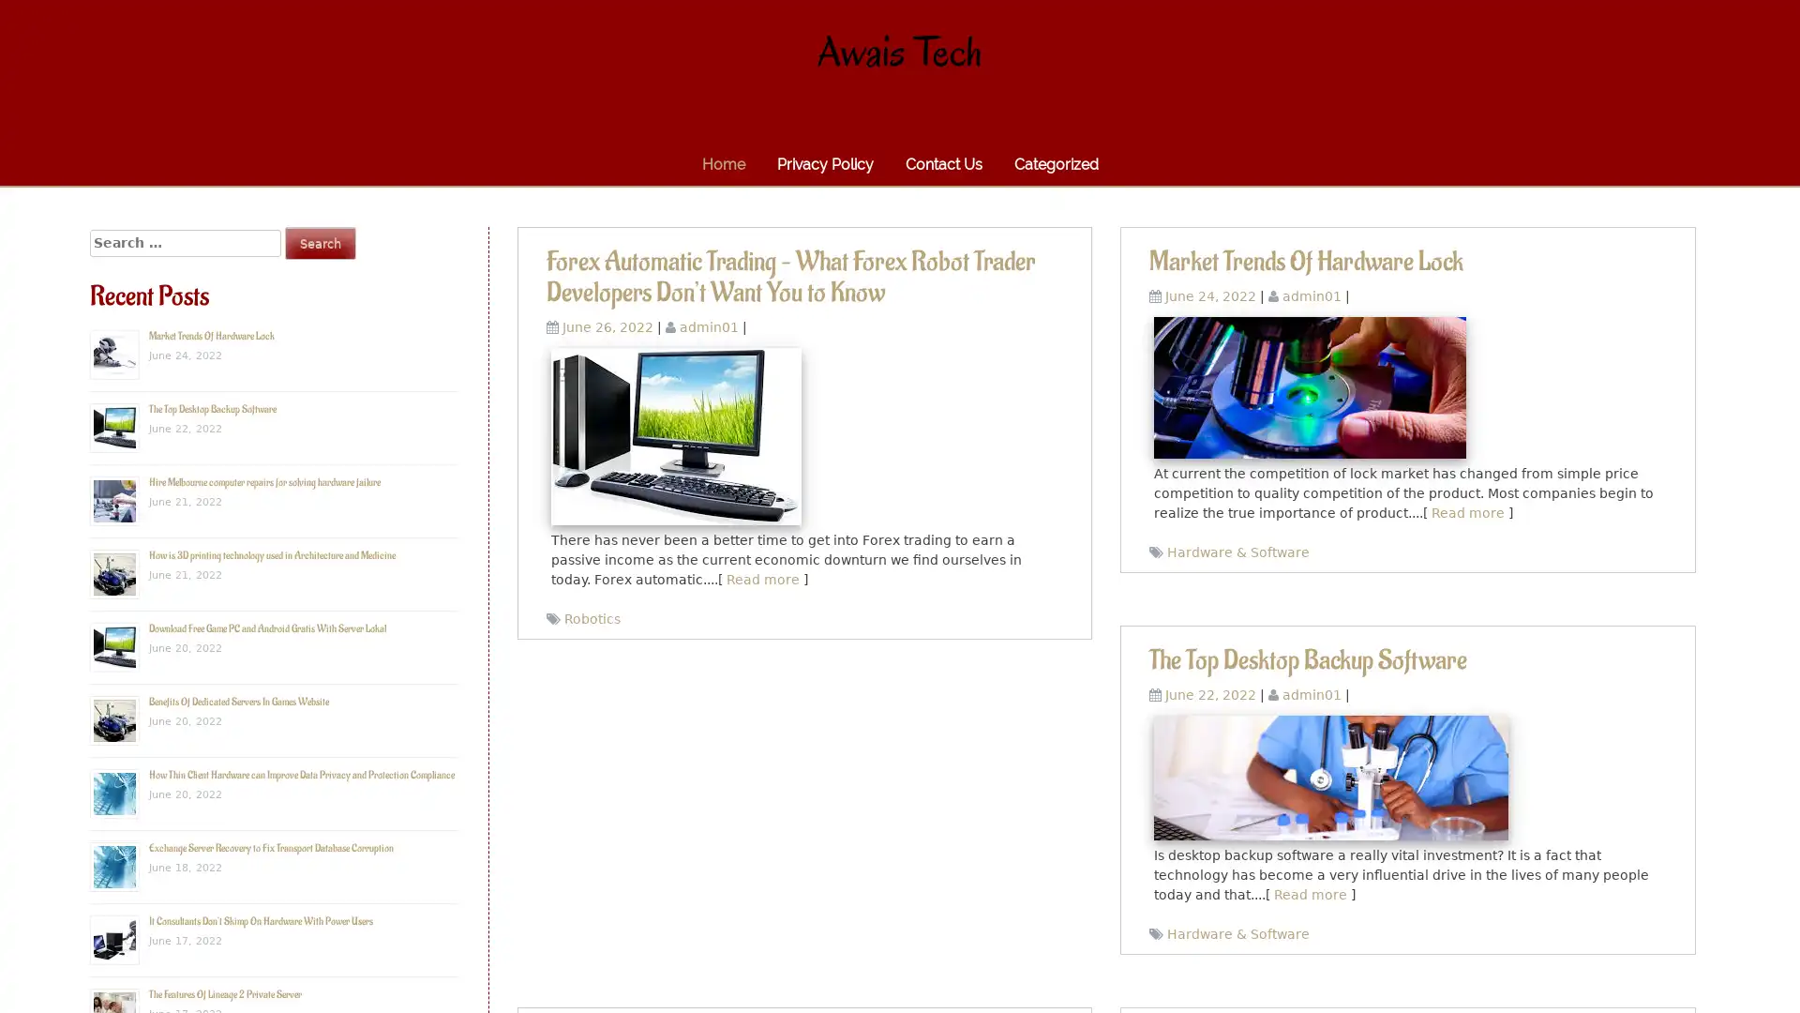 The height and width of the screenshot is (1013, 1800). What do you see at coordinates (320, 242) in the screenshot?
I see `Search` at bounding box center [320, 242].